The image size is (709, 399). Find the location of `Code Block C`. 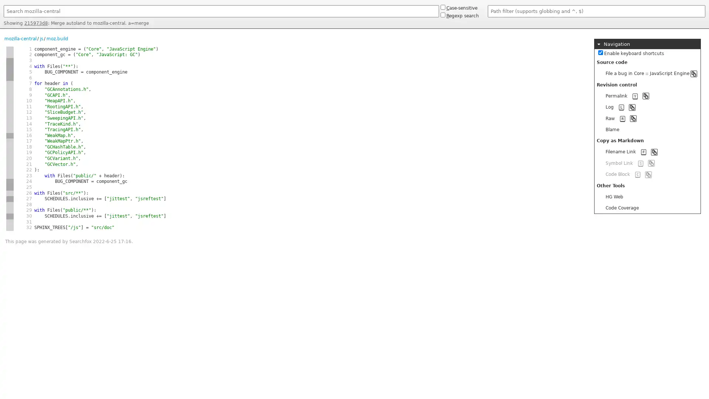

Code Block C is located at coordinates (647, 174).